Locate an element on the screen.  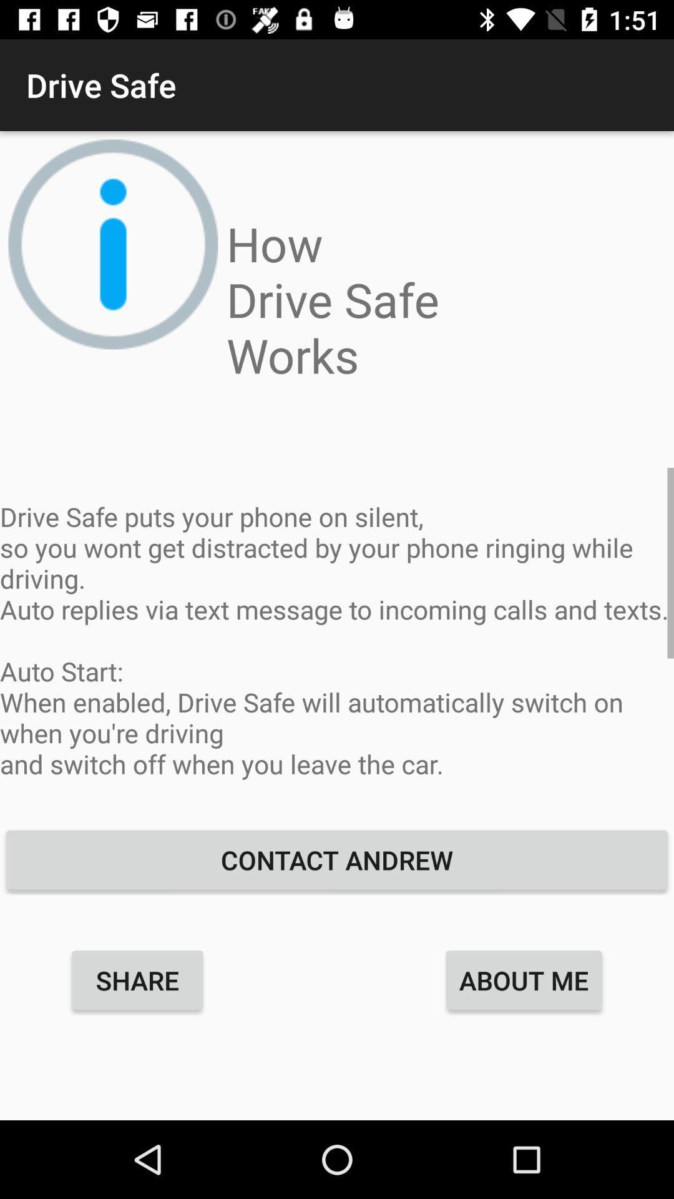
the contact andrew is located at coordinates (337, 859).